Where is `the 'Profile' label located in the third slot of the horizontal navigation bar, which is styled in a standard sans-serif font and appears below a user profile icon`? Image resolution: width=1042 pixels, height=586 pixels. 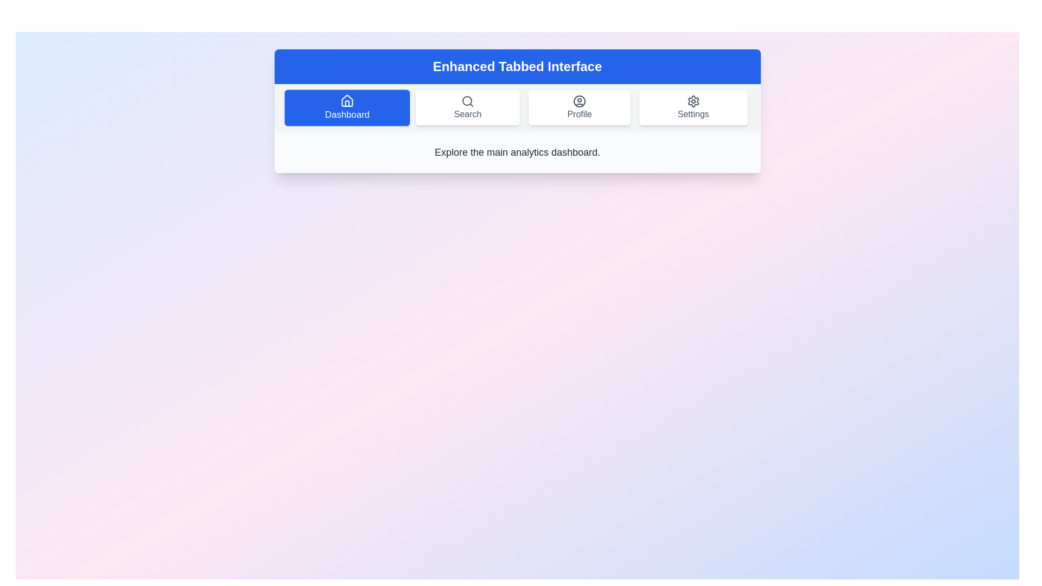
the 'Profile' label located in the third slot of the horizontal navigation bar, which is styled in a standard sans-serif font and appears below a user profile icon is located at coordinates (579, 114).